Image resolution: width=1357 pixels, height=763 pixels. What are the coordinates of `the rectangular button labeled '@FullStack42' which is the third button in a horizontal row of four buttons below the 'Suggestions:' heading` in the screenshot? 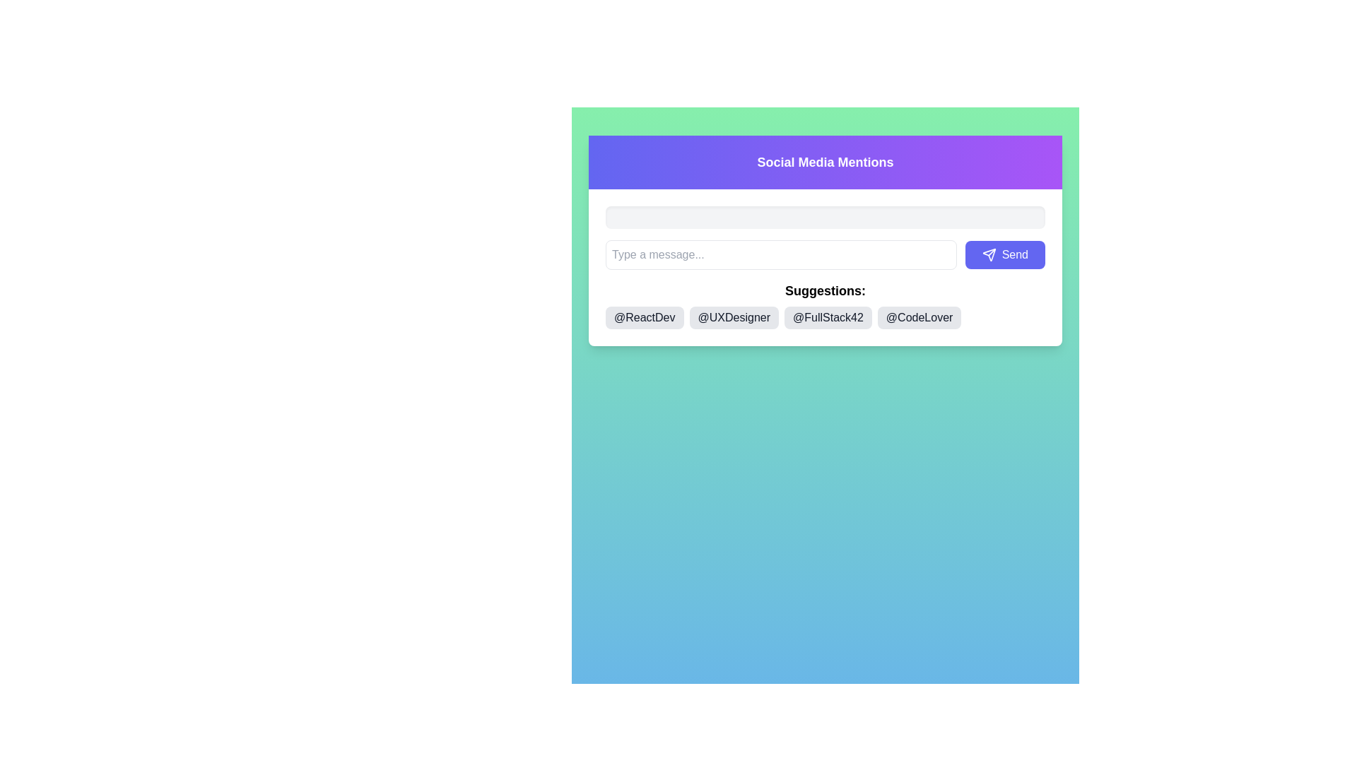 It's located at (828, 318).